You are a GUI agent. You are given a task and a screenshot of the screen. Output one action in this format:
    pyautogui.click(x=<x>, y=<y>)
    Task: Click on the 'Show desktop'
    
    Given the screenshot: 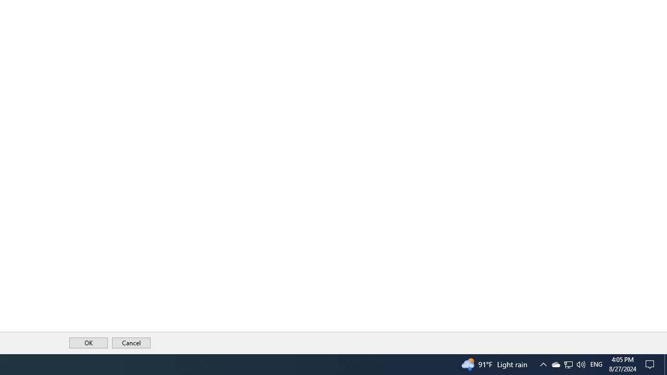 What is the action you would take?
    pyautogui.click(x=665, y=364)
    